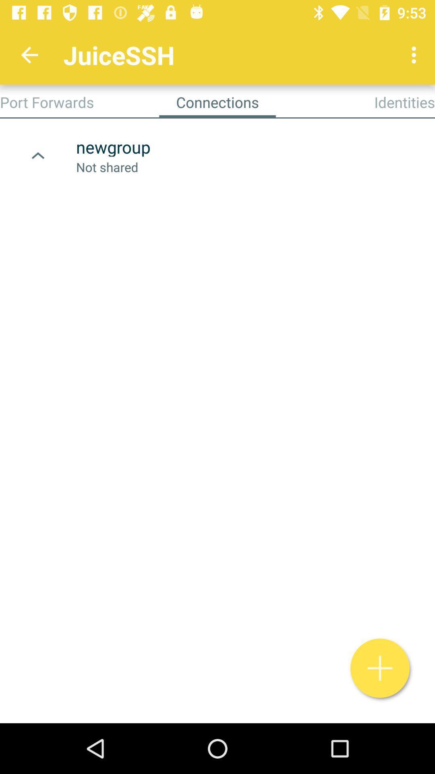 The image size is (435, 774). Describe the element at coordinates (47, 102) in the screenshot. I see `port forwards icon` at that location.